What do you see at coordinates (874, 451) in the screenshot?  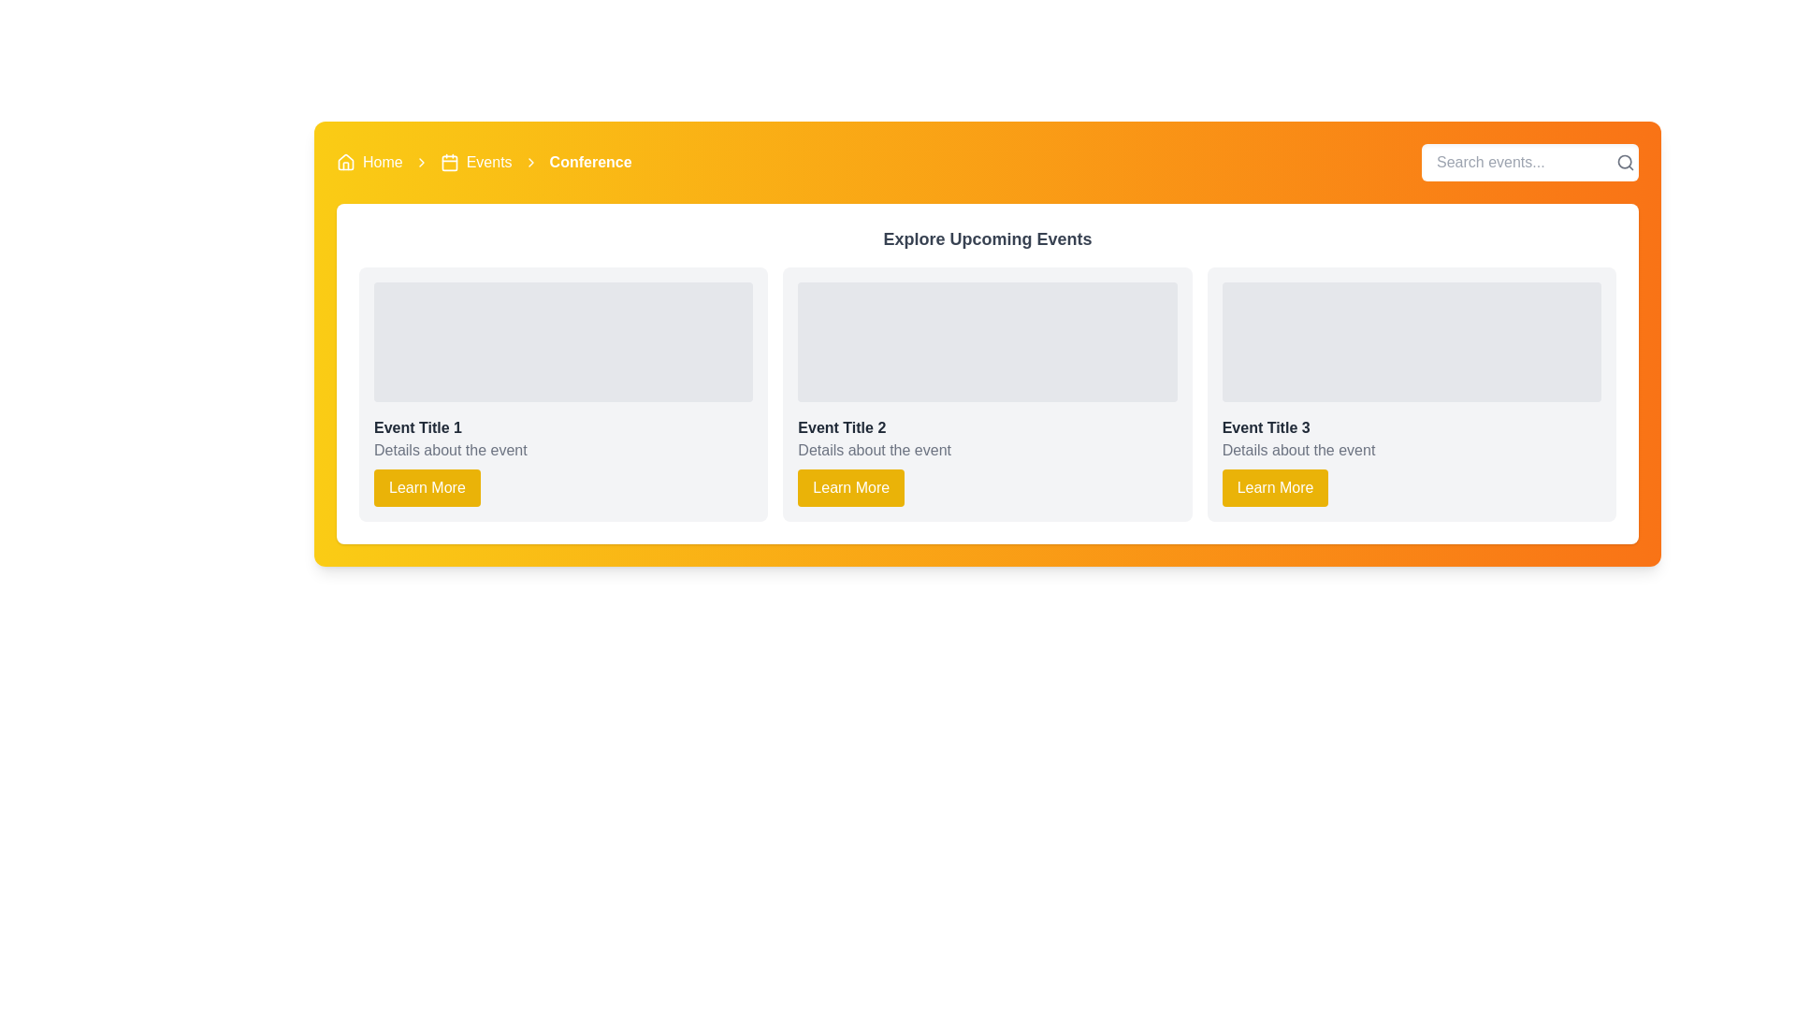 I see `the plain text label providing additional context about the event, which is located below 'Event Title 2' and above the 'Learn More' button` at bounding box center [874, 451].